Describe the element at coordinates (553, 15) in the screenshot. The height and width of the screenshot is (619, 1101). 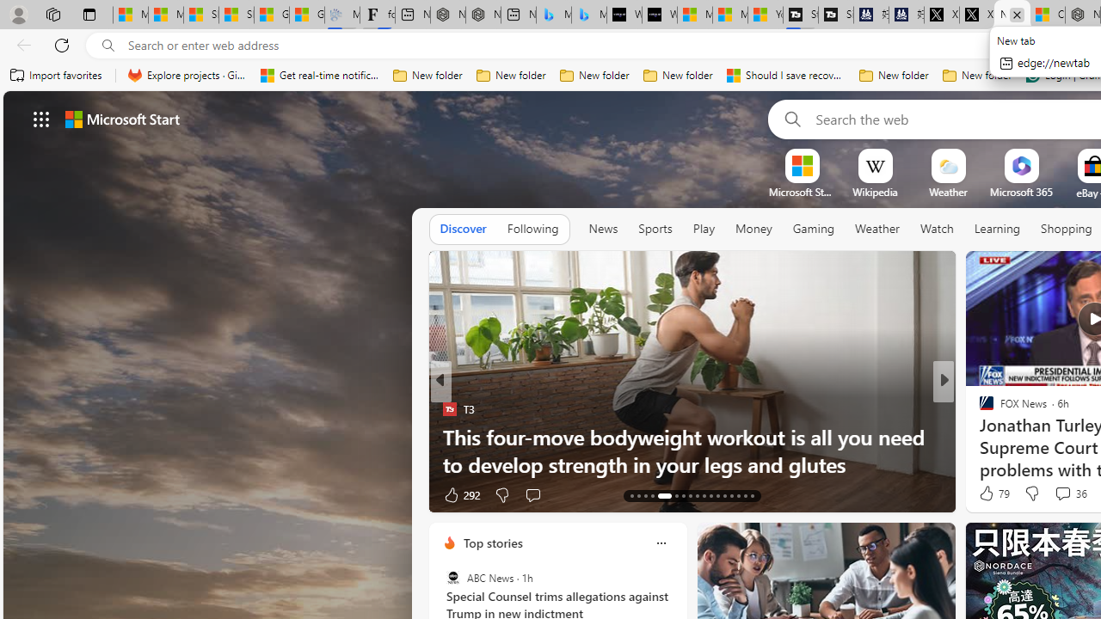
I see `'Microsoft Bing Travel - Stays in Bangkok, Bangkok, Thailand'` at that location.